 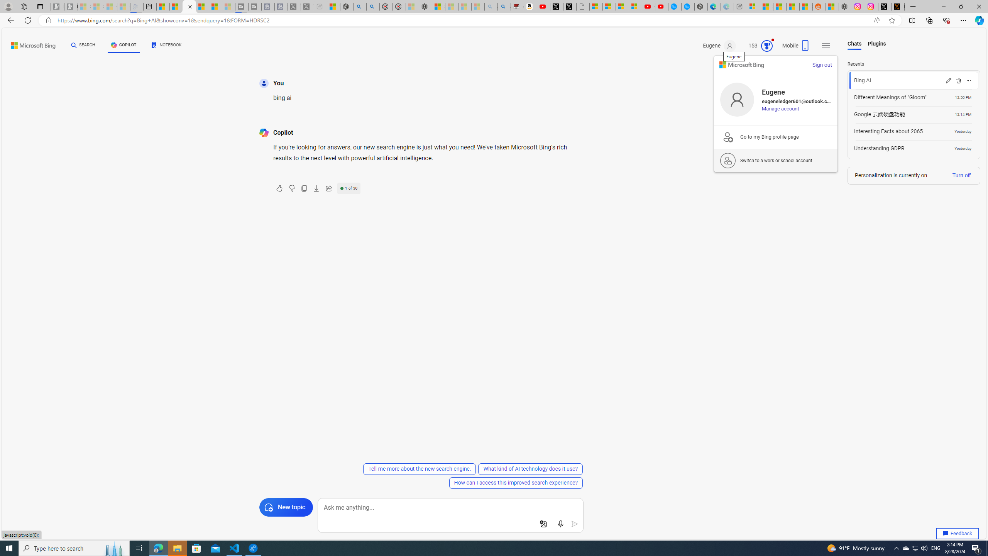 What do you see at coordinates (963, 20) in the screenshot?
I see `'Settings and more (Alt+F)'` at bounding box center [963, 20].